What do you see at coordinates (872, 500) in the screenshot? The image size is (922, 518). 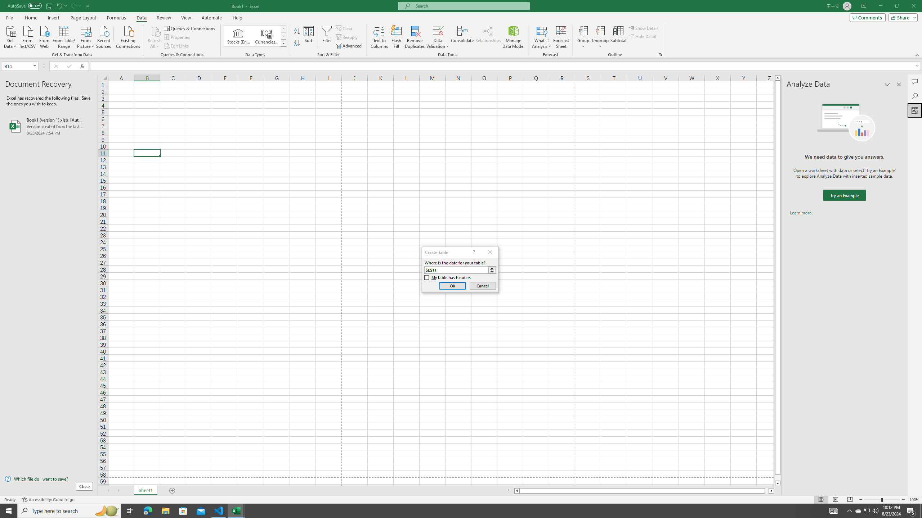 I see `'Zoom Out'` at bounding box center [872, 500].